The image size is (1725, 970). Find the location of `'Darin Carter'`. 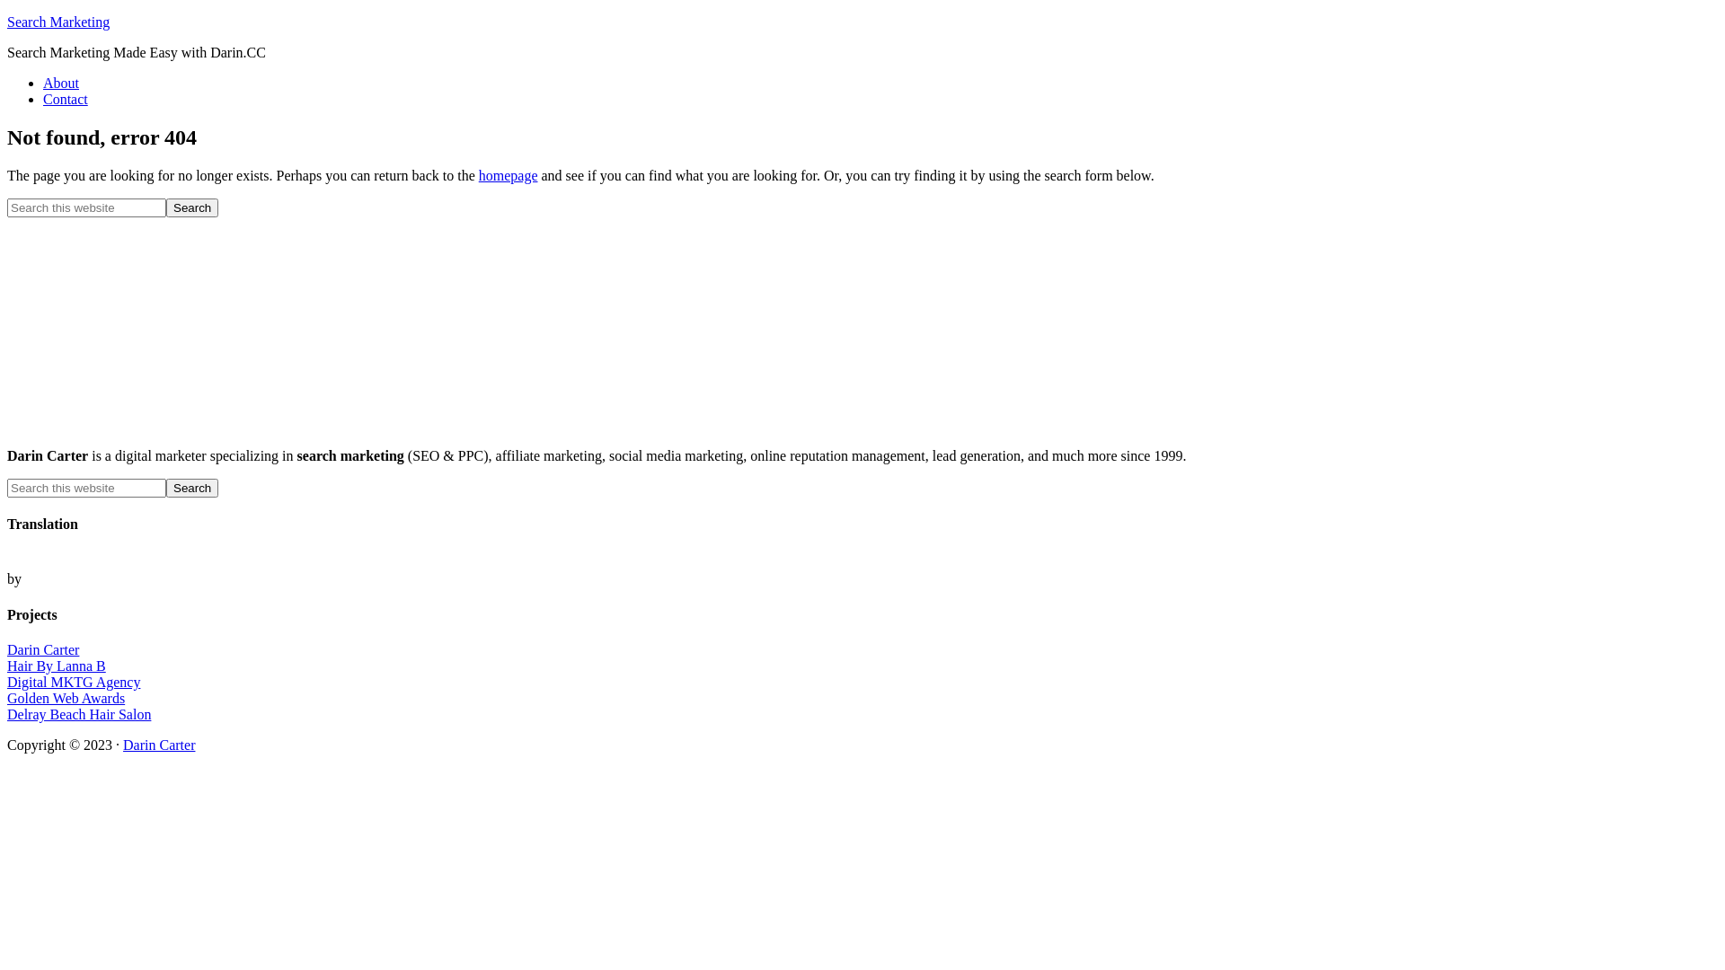

'Darin Carter' is located at coordinates (43, 649).